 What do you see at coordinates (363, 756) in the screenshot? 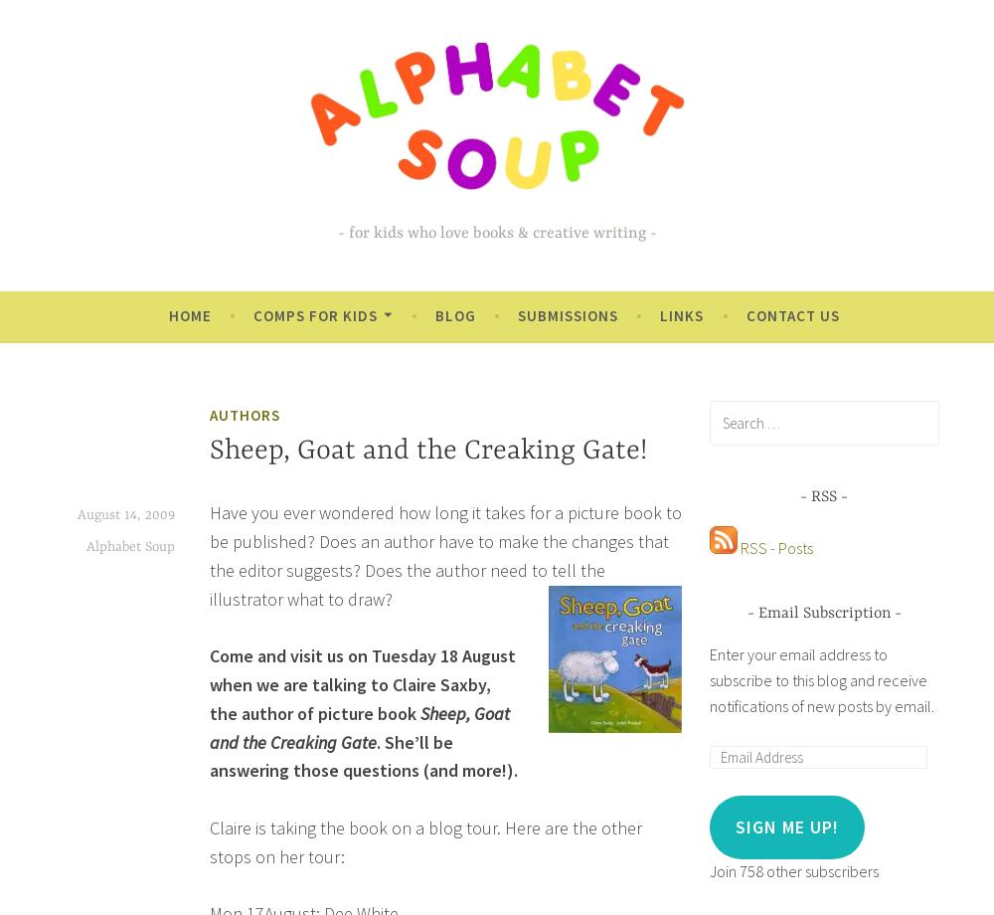
I see `'. She’ll be answering those questions (and more!).'` at bounding box center [363, 756].